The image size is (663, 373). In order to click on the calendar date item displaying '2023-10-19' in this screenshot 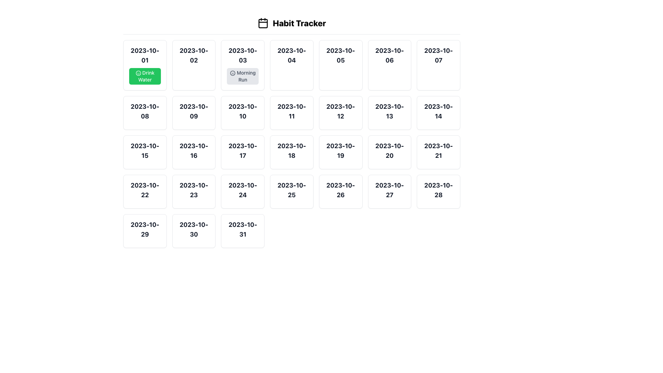, I will do `click(340, 152)`.